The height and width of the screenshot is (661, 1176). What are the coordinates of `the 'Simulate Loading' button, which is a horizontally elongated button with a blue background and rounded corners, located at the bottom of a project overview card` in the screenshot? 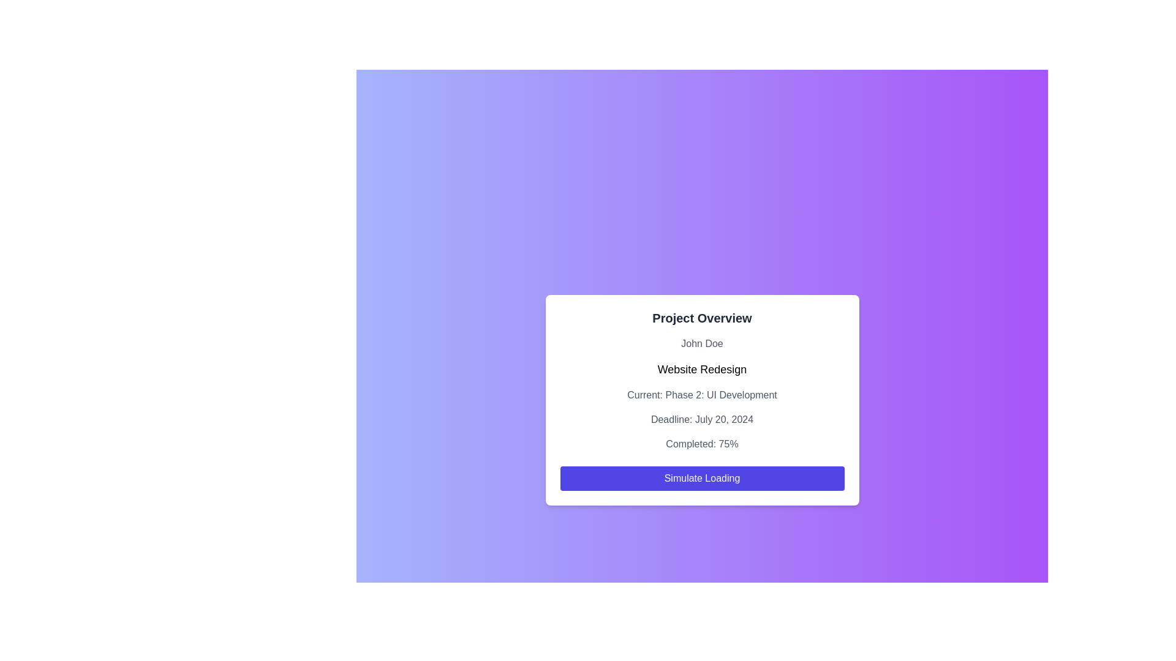 It's located at (702, 478).